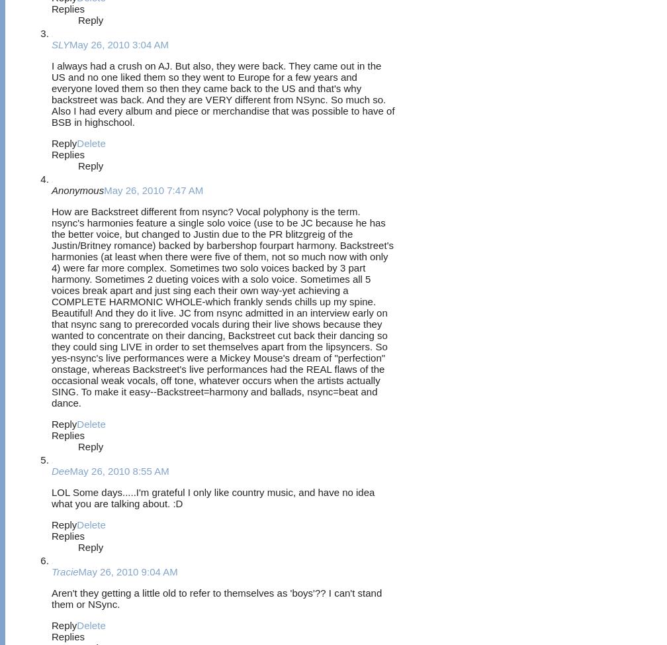 This screenshot has width=667, height=645. Describe the element at coordinates (104, 189) in the screenshot. I see `'May 26, 2010 7:47 AM'` at that location.